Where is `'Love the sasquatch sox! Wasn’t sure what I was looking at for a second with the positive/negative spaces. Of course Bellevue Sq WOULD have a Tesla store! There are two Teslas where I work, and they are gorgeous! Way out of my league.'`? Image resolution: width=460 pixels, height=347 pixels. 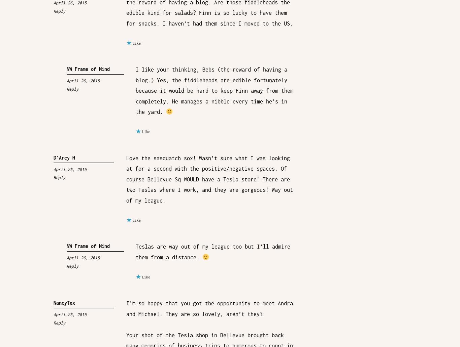 'Love the sasquatch sox! Wasn’t sure what I was looking at for a second with the positive/negative spaces. Of course Bellevue Sq WOULD have a Tesla store! There are two Teslas where I work, and they are gorgeous! Way out of my league.' is located at coordinates (209, 179).